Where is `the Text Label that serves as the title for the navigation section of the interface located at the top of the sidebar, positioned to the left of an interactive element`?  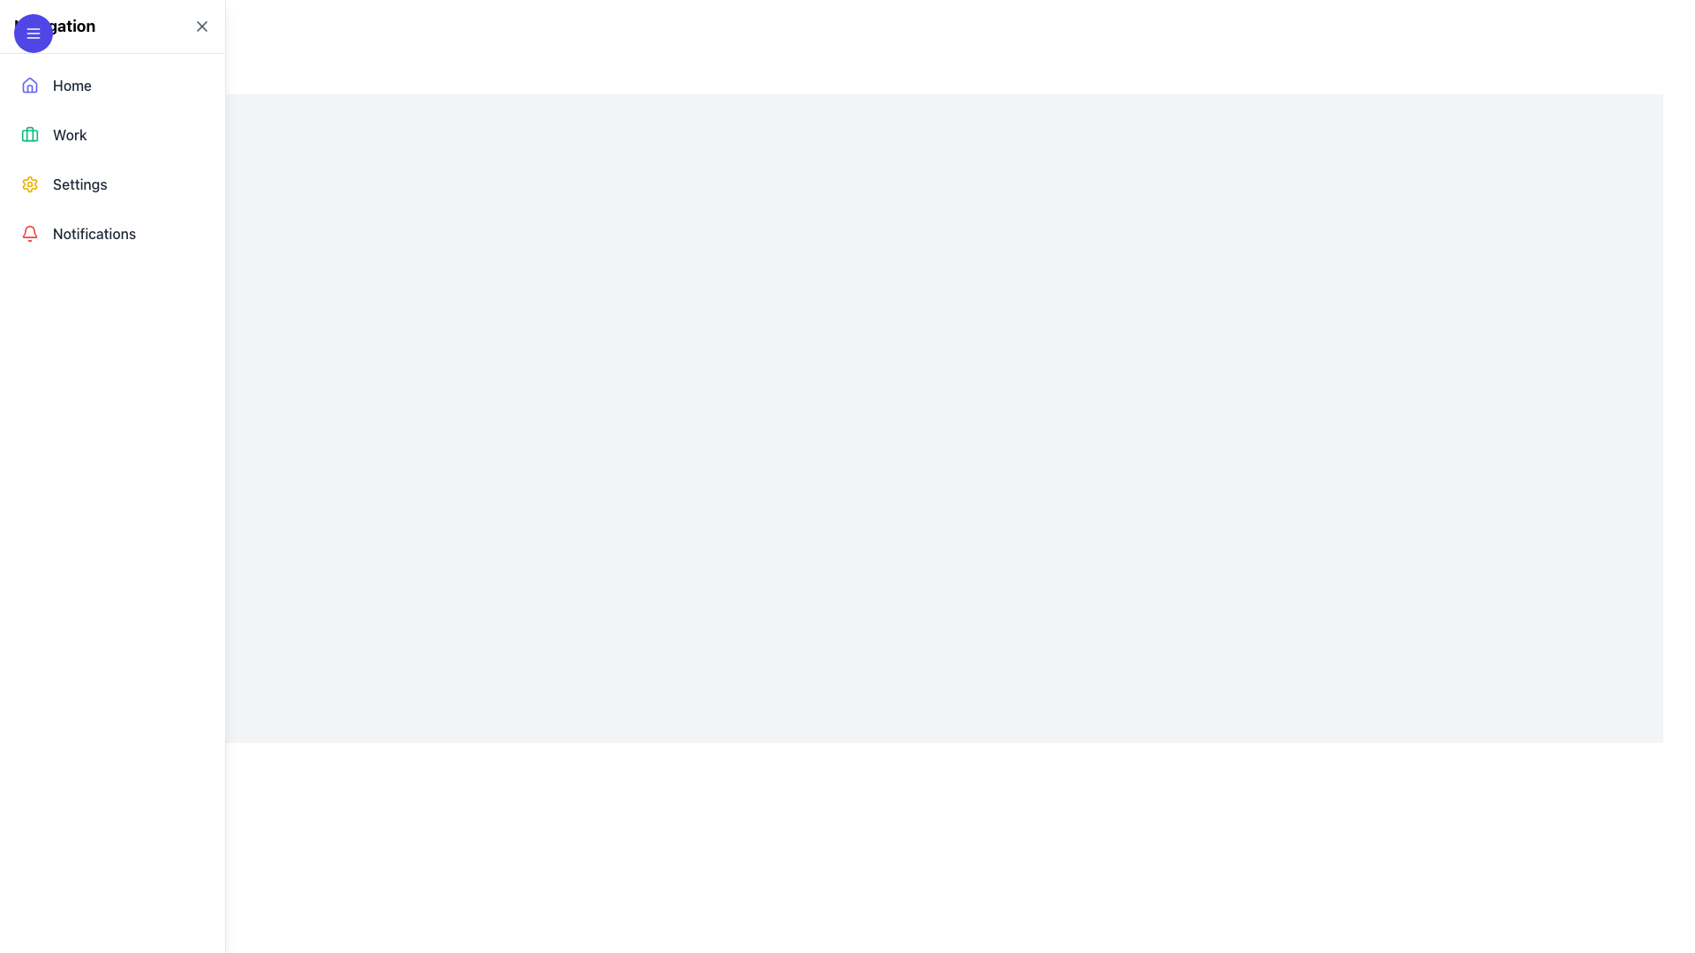 the Text Label that serves as the title for the navigation section of the interface located at the top of the sidebar, positioned to the left of an interactive element is located at coordinates (55, 26).